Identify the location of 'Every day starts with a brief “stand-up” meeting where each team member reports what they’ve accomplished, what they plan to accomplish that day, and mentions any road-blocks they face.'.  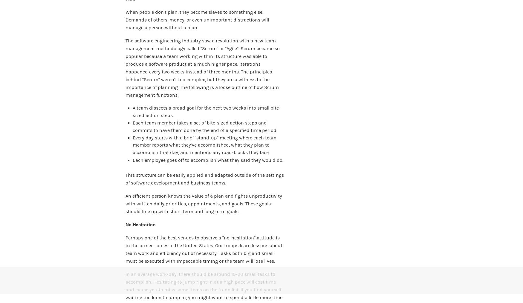
(204, 144).